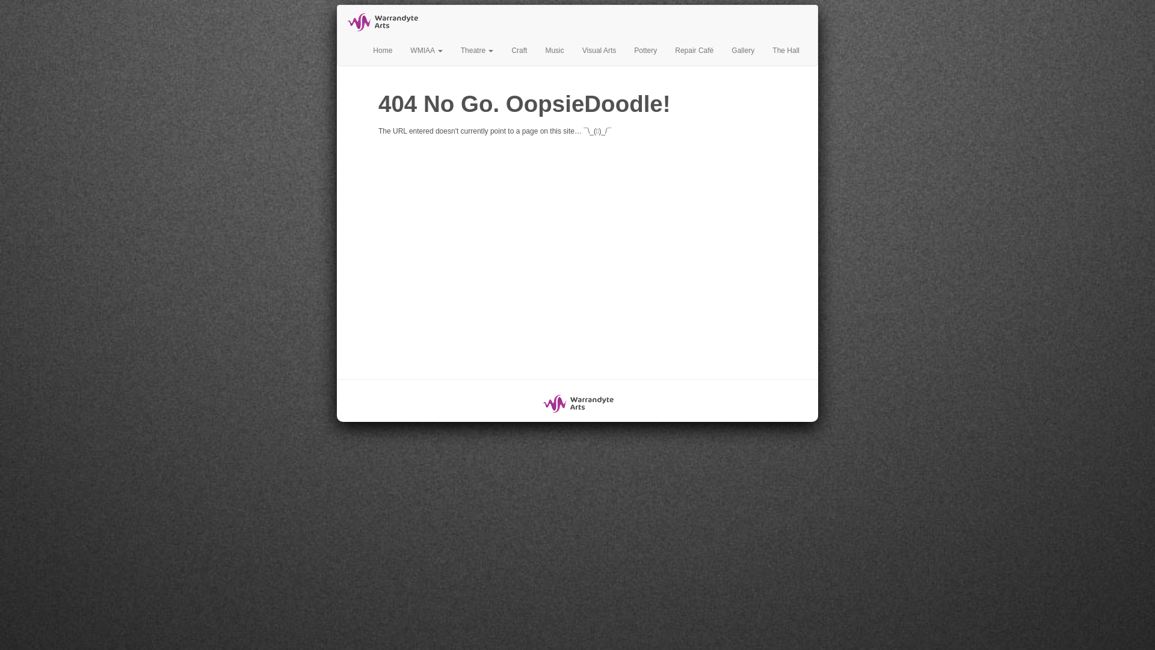 The width and height of the screenshot is (1155, 650). I want to click on 'Pottery', so click(645, 50).